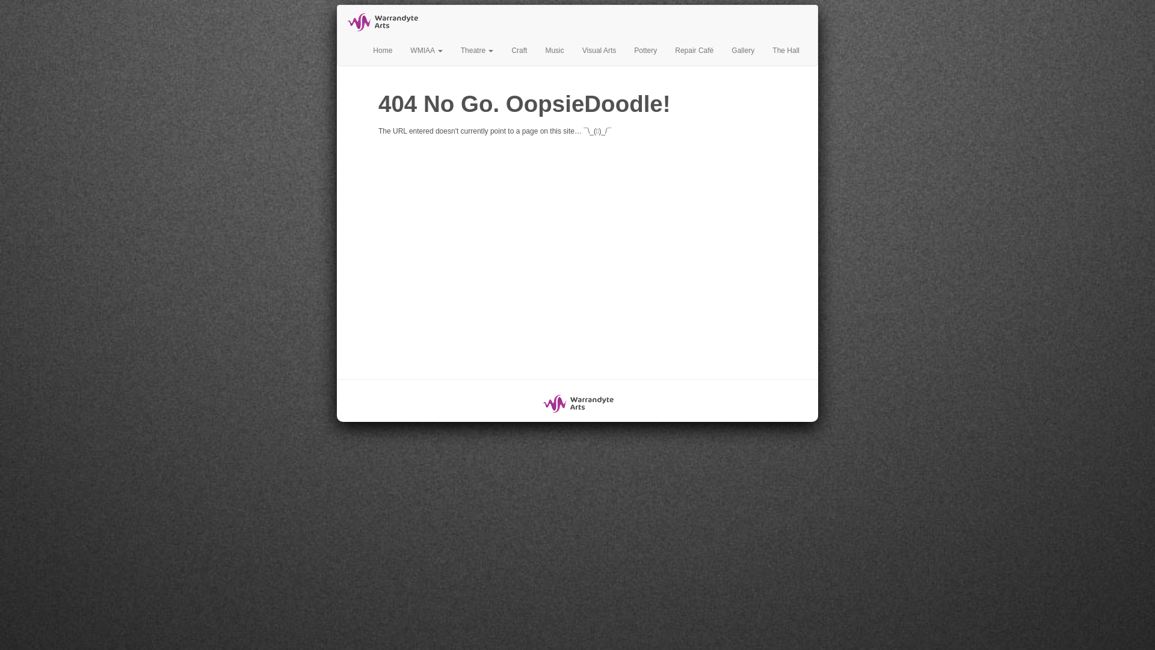 The width and height of the screenshot is (1155, 650). I want to click on 'Pottery', so click(645, 50).